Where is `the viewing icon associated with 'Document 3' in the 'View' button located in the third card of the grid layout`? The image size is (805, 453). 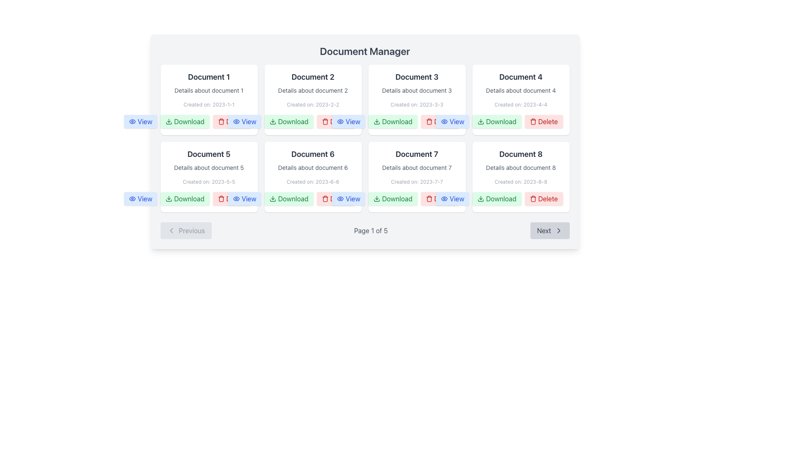
the viewing icon associated with 'Document 3' in the 'View' button located in the third card of the grid layout is located at coordinates (444, 121).